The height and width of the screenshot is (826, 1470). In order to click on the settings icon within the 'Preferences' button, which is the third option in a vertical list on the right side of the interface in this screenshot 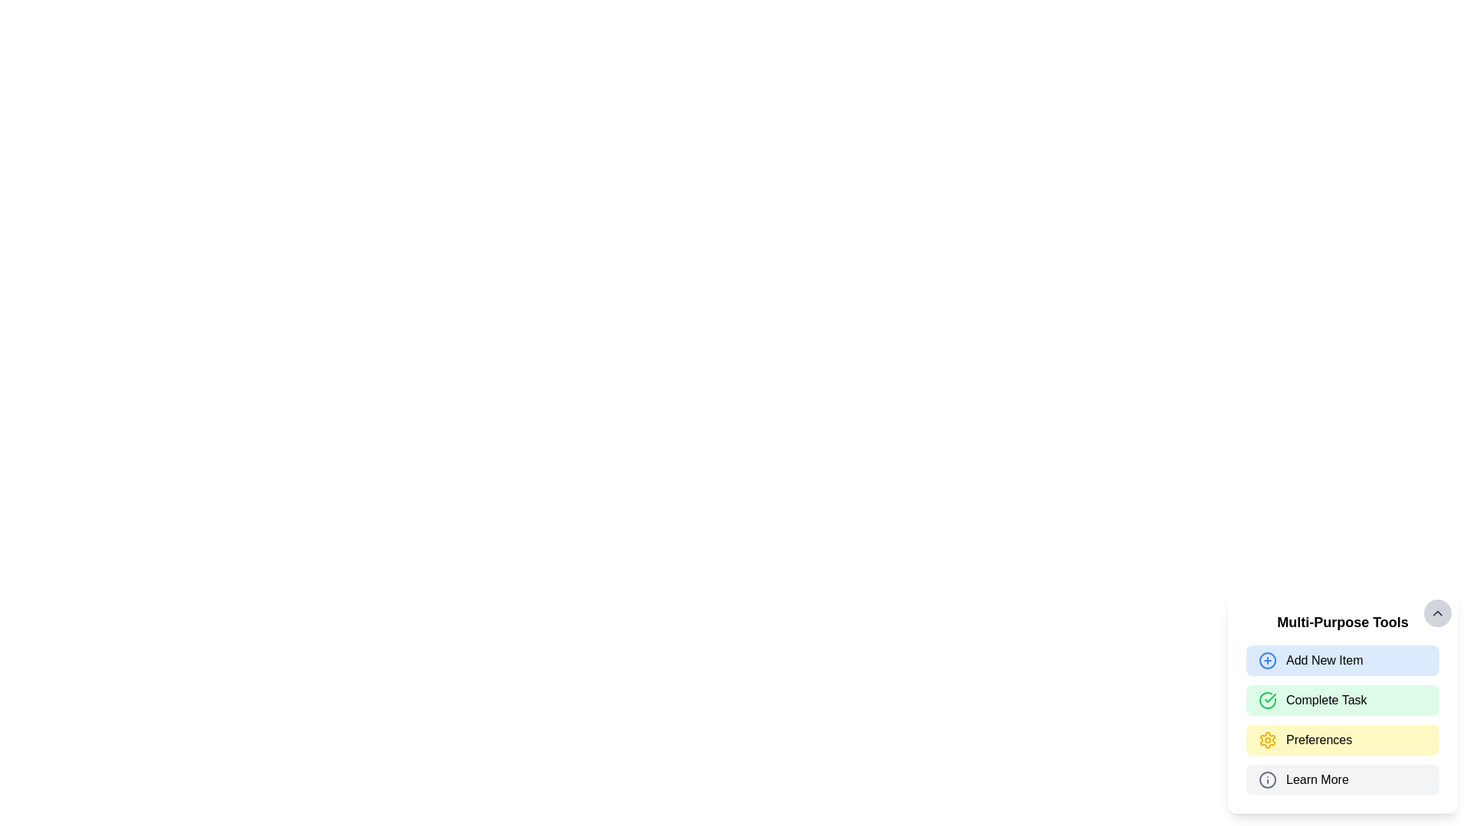, I will do `click(1268, 740)`.